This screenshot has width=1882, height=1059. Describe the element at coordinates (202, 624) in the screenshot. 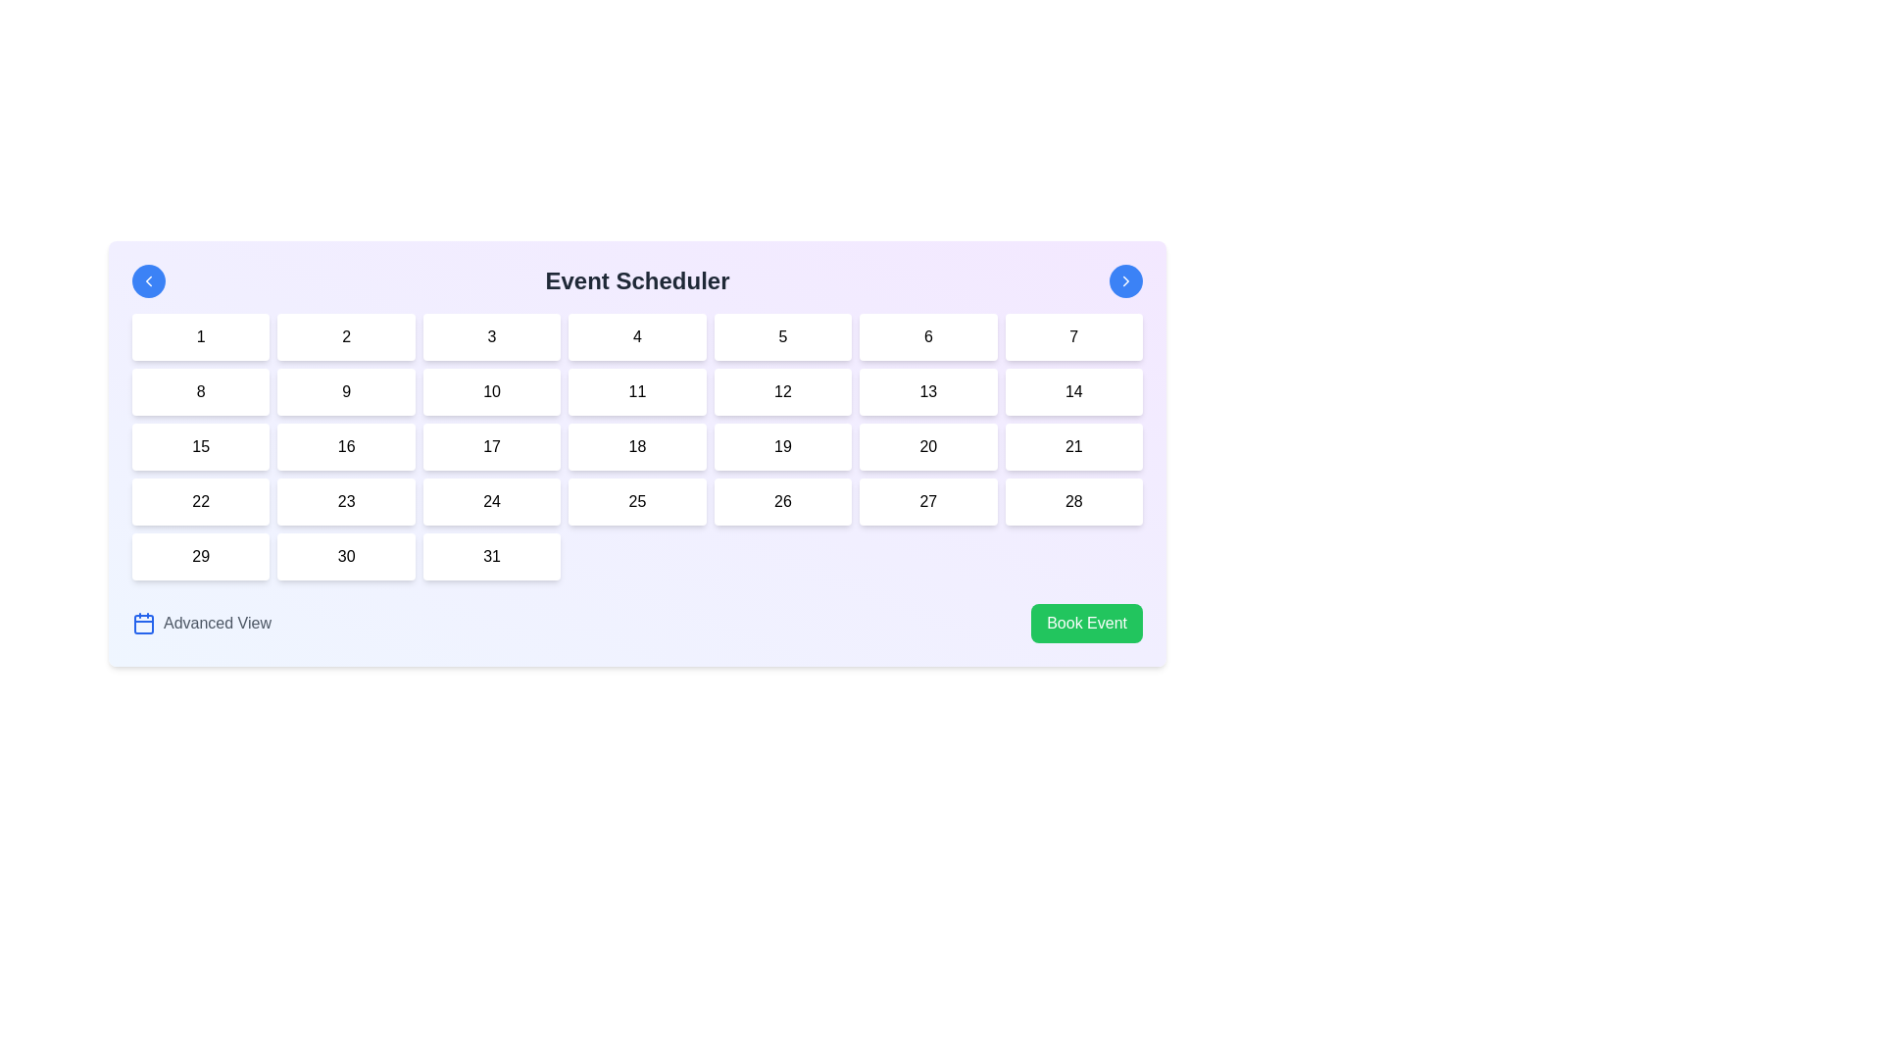

I see `the 'Advanced View' label with the blue calendar icon` at that location.